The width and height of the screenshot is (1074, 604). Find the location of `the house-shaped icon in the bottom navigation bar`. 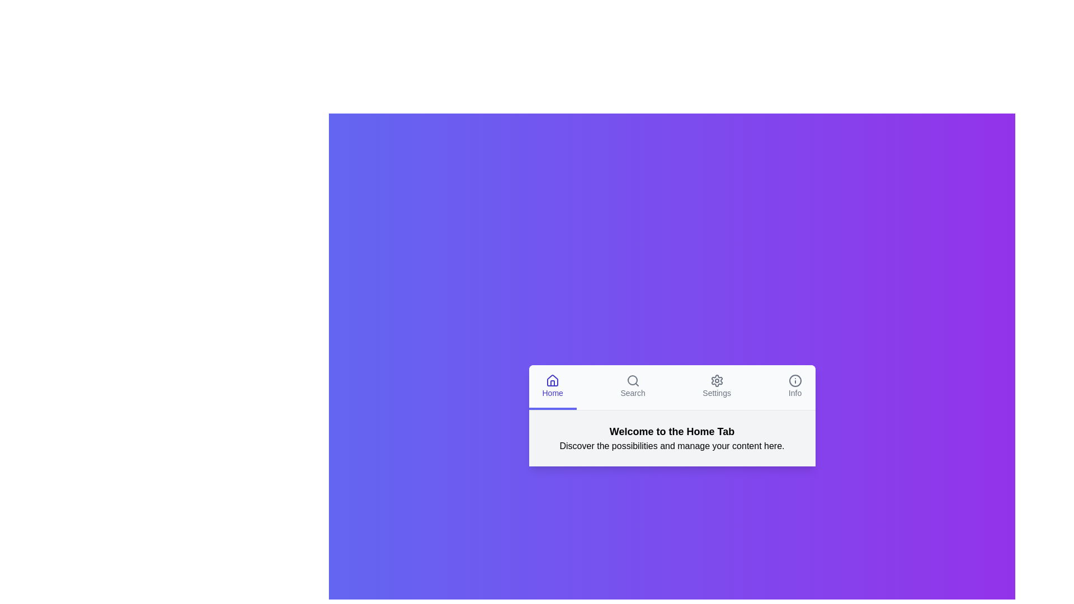

the house-shaped icon in the bottom navigation bar is located at coordinates (553, 380).